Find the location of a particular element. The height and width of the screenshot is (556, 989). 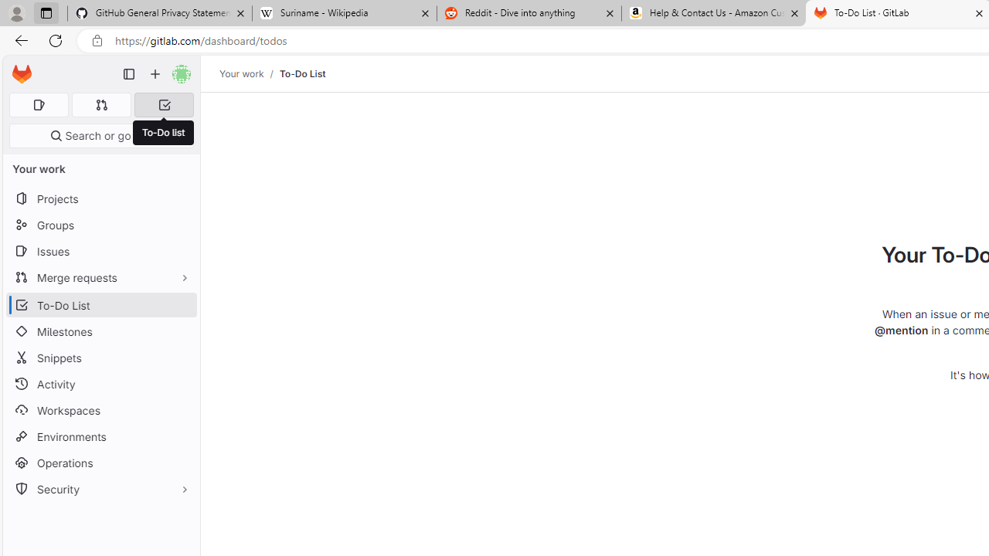

'Primary navigation sidebar' is located at coordinates (129, 74).